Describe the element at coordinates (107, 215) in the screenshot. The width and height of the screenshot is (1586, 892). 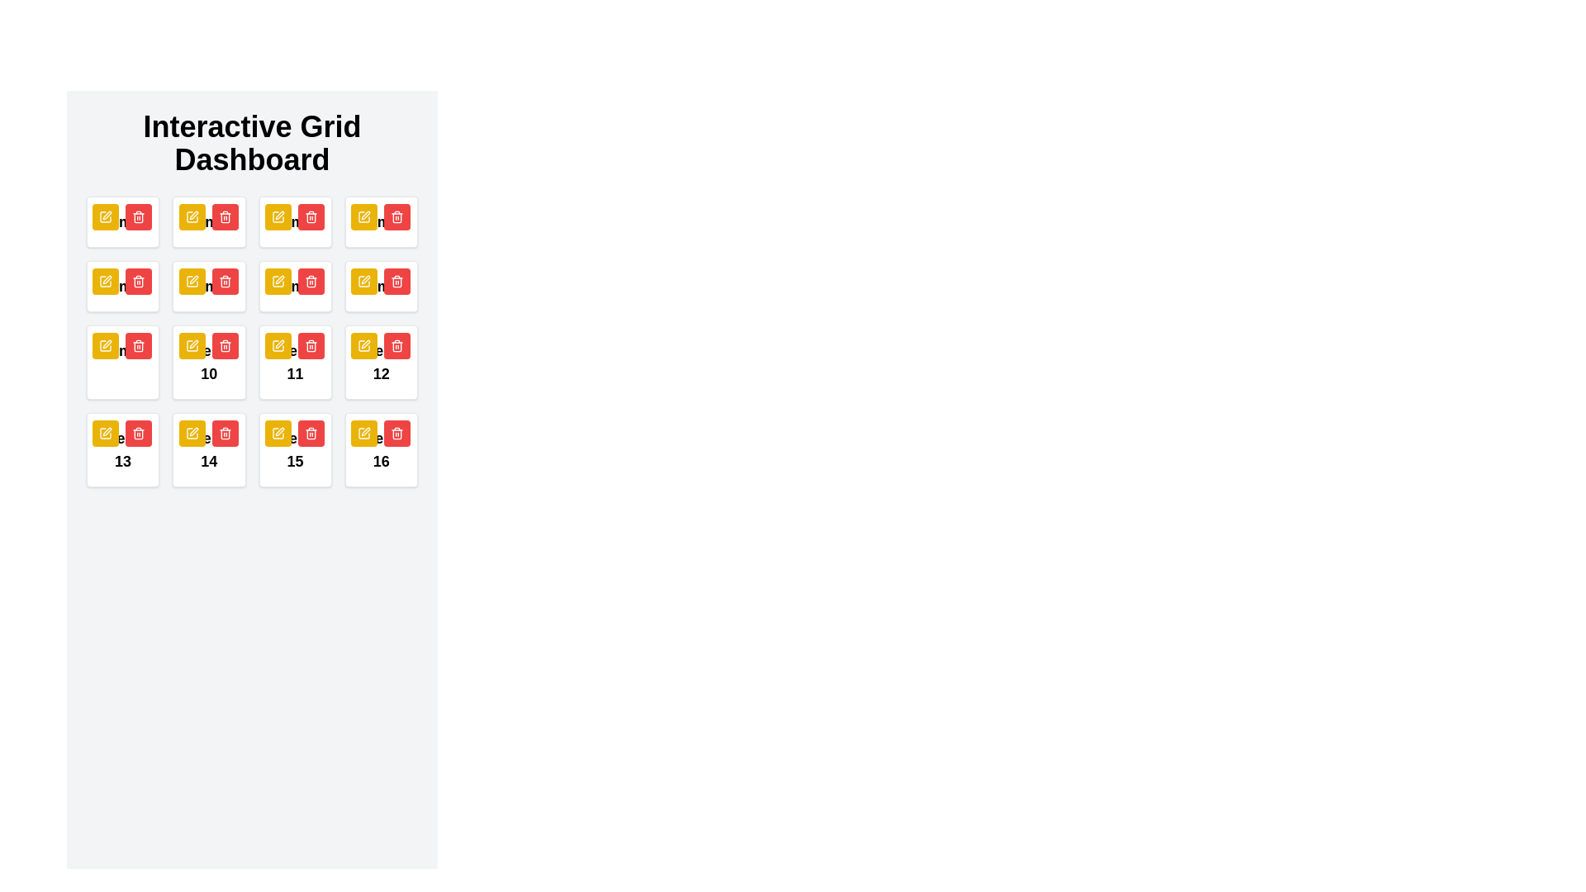
I see `the edit icon button located in the top-left corner of the first card in the dashboard, which allows users to initiate editing of the content or settings associated with the grid item` at that location.